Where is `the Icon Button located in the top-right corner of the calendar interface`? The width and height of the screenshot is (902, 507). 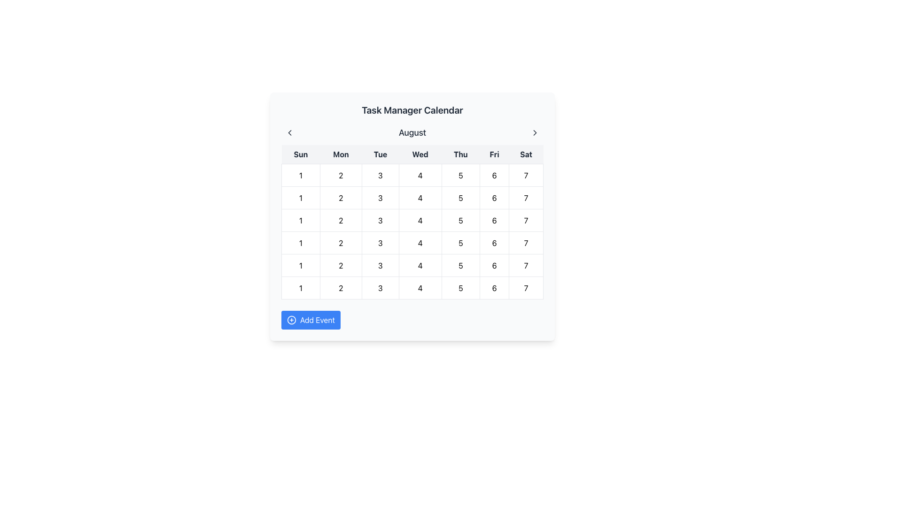
the Icon Button located in the top-right corner of the calendar interface is located at coordinates (535, 132).